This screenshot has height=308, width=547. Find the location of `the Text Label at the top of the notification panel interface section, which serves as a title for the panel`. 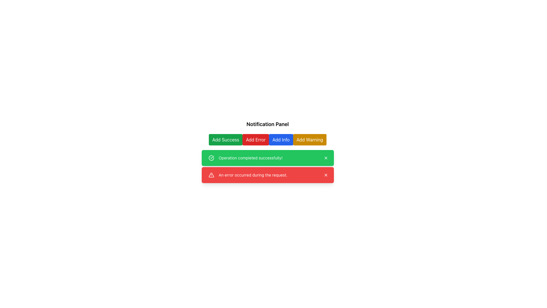

the Text Label at the top of the notification panel interface section, which serves as a title for the panel is located at coordinates (267, 124).